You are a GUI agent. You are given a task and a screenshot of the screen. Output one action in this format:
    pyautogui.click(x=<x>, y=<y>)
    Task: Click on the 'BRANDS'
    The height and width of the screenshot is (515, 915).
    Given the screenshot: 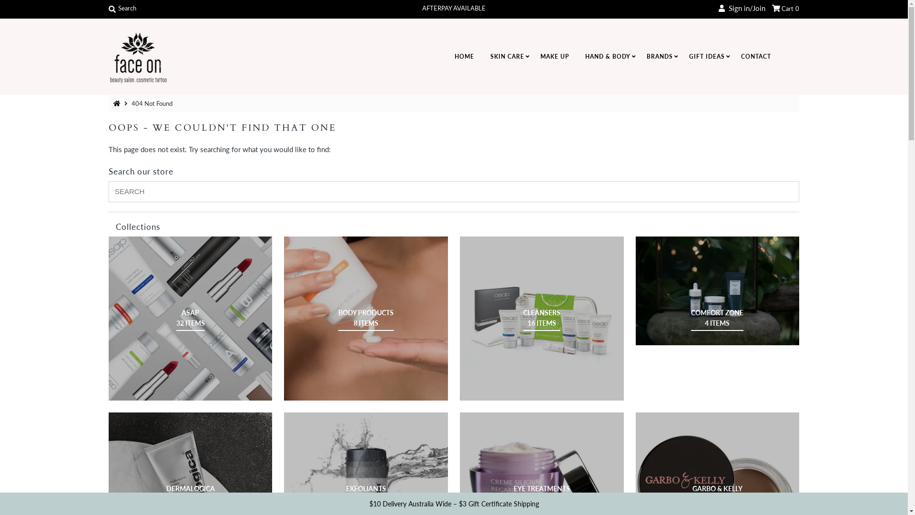 What is the action you would take?
    pyautogui.click(x=659, y=57)
    